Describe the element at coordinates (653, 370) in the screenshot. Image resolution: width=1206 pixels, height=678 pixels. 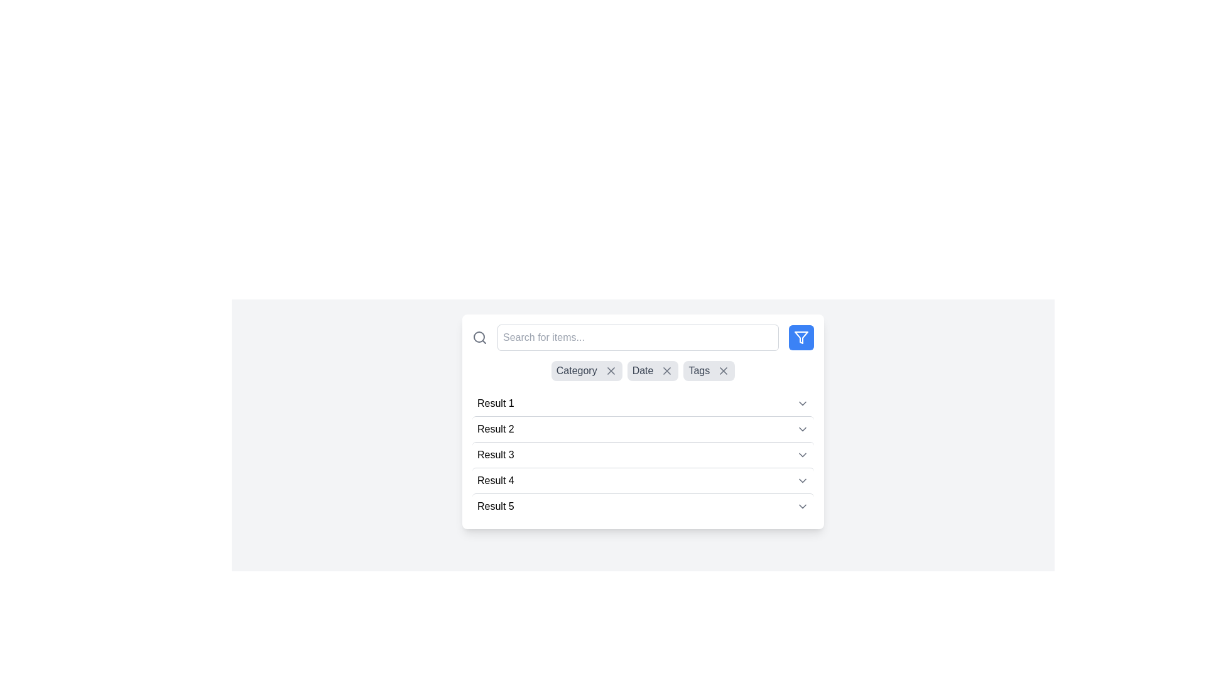
I see `the 'X' icon on the tag labeled 'Date'` at that location.